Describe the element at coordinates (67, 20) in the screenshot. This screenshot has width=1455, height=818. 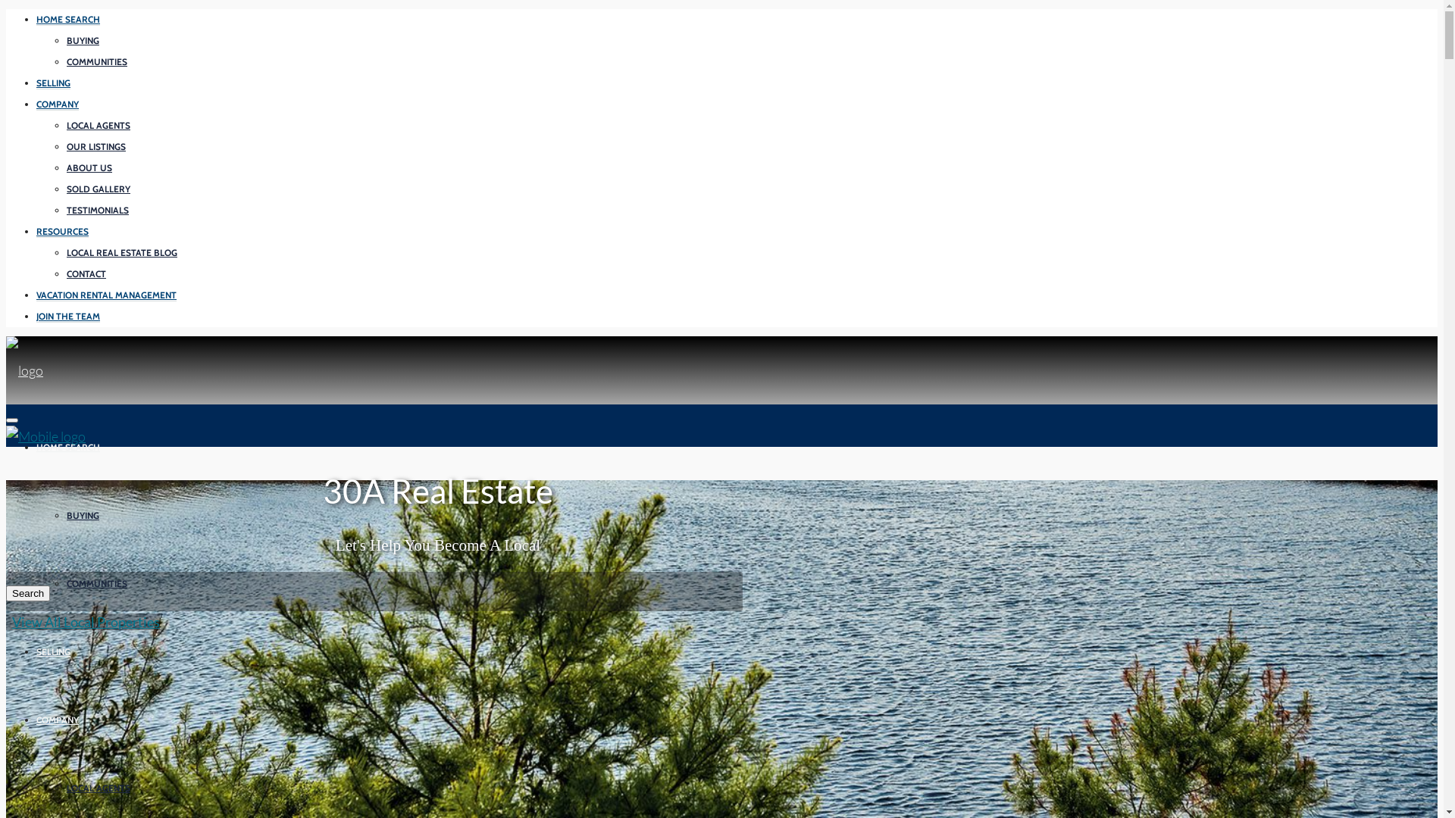
I see `'HOME SEARCH'` at that location.